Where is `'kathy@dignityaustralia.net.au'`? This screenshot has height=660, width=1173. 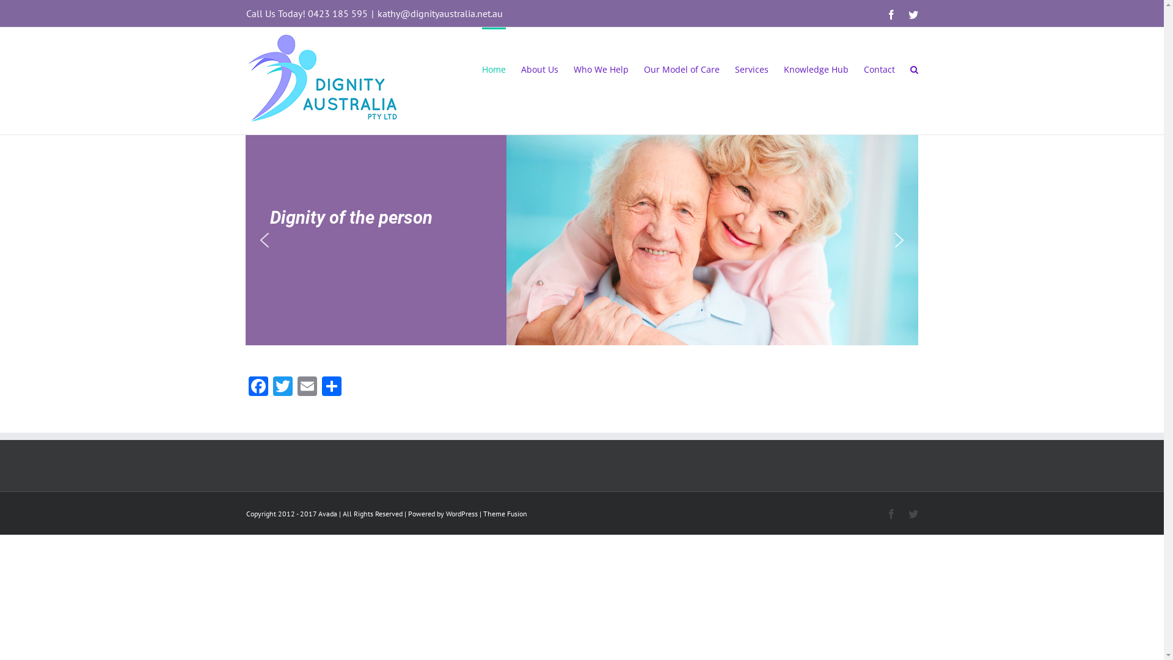
'kathy@dignityaustralia.net.au' is located at coordinates (440, 13).